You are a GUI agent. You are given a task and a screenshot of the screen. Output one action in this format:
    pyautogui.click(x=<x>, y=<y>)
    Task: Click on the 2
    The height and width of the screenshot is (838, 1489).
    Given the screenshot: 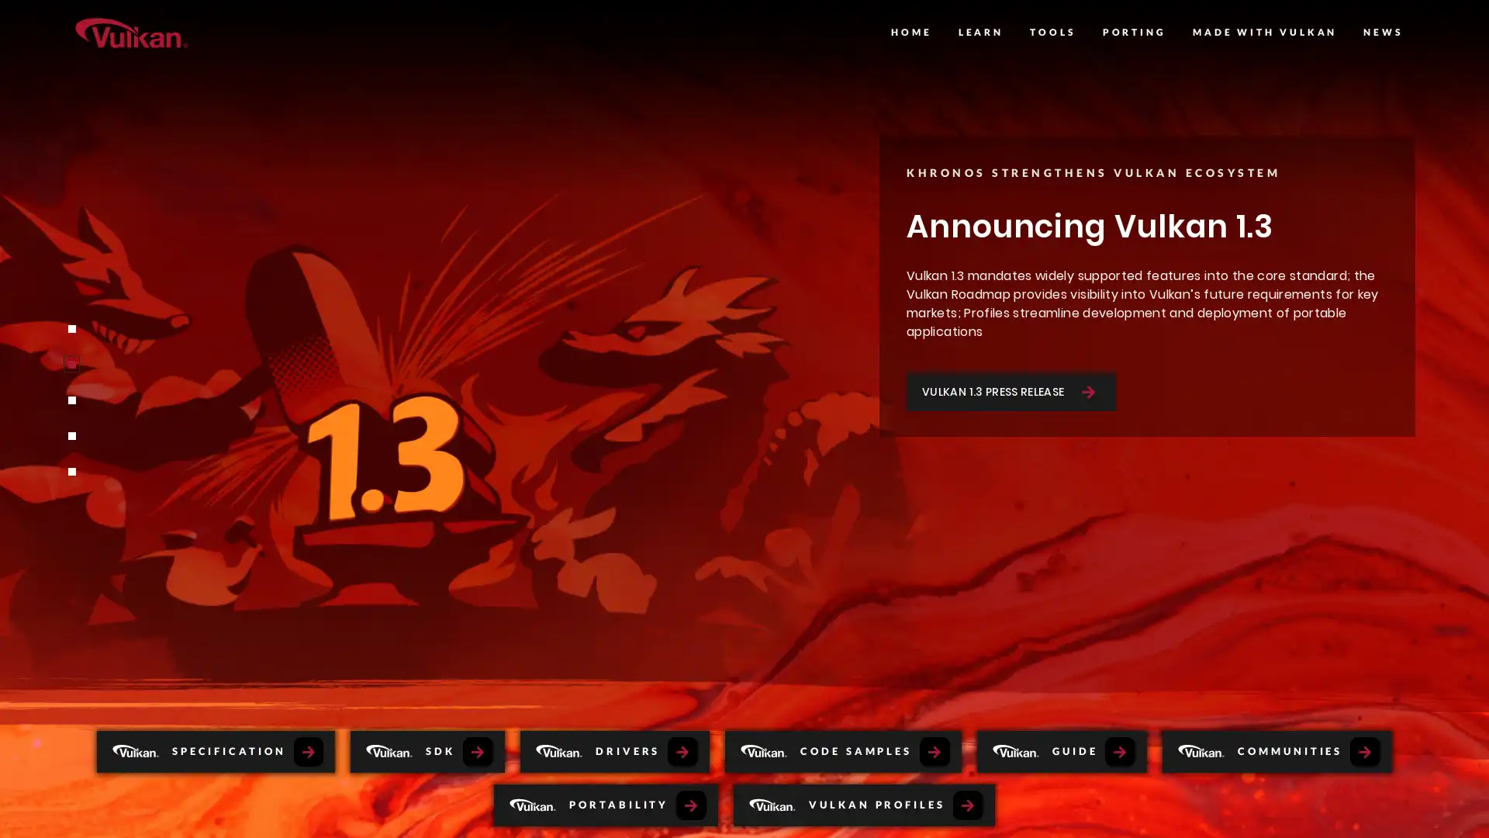 What is the action you would take?
    pyautogui.click(x=70, y=365)
    